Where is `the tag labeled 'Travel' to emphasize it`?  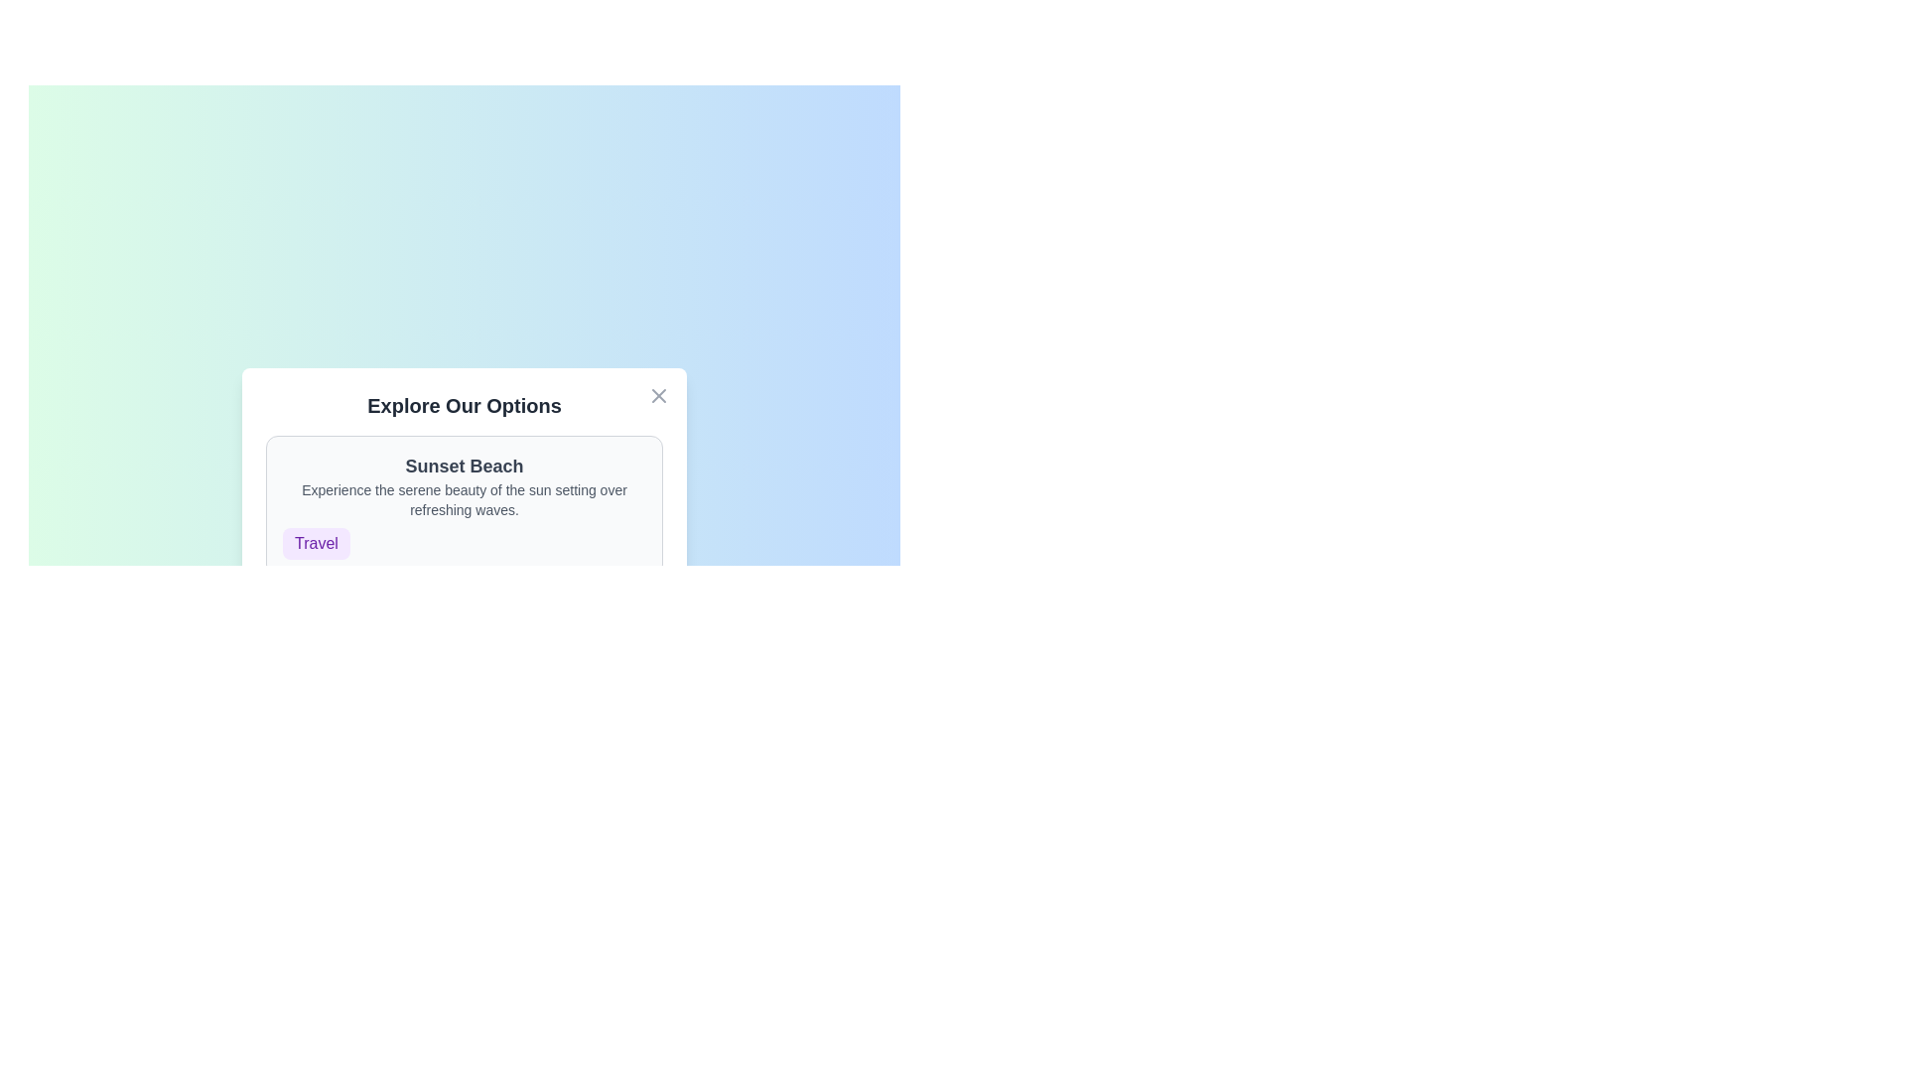 the tag labeled 'Travel' to emphasize it is located at coordinates (315, 543).